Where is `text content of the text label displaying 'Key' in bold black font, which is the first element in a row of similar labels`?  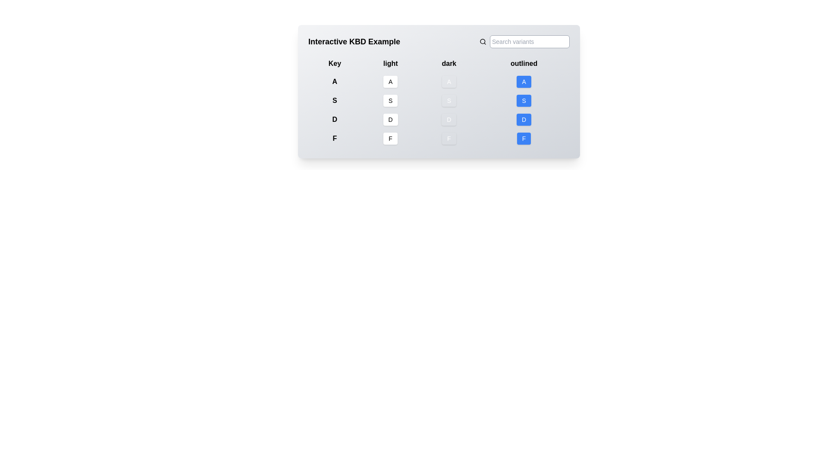
text content of the text label displaying 'Key' in bold black font, which is the first element in a row of similar labels is located at coordinates (334, 63).